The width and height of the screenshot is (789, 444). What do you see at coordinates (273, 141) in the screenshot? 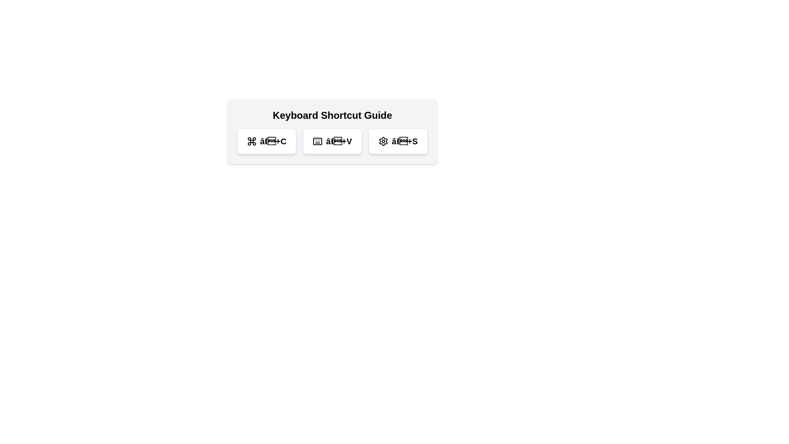
I see `the text label representing the keyboard shortcut (⌘+C), which is positioned to the right of the command key symbol and before the plus sign, under the 'Keyboard Shortcut Guide'` at bounding box center [273, 141].